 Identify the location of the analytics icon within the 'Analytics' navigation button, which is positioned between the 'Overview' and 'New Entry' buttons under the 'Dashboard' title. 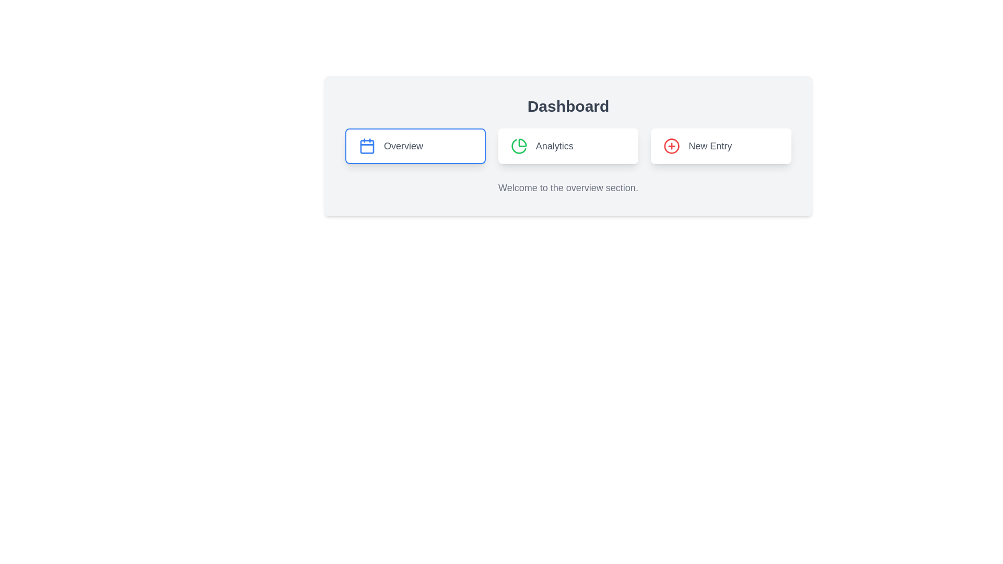
(519, 146).